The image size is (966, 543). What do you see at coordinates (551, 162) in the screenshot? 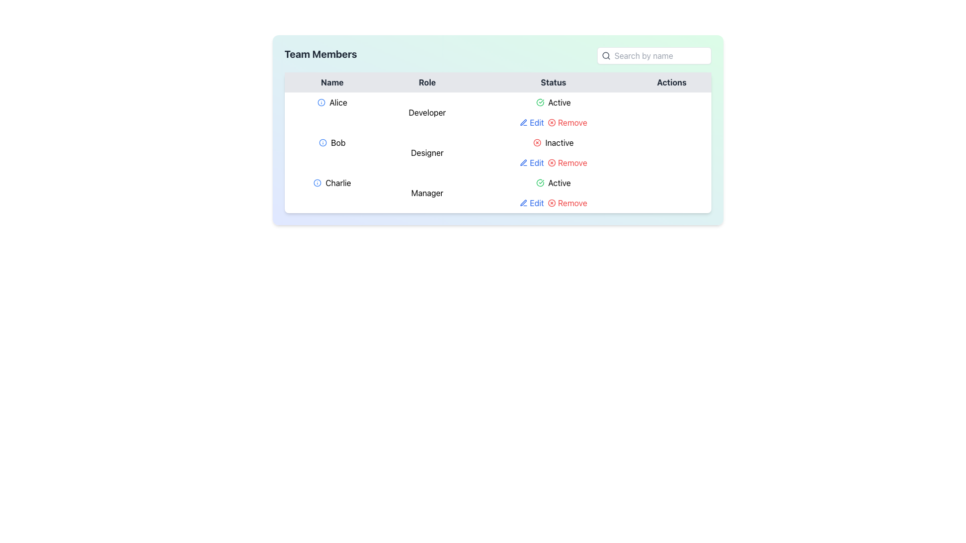
I see `the small red circular button with an 'x' icon, located in the 'Actions' column next to the 'Edit' button for the entry 'Bob'` at bounding box center [551, 162].